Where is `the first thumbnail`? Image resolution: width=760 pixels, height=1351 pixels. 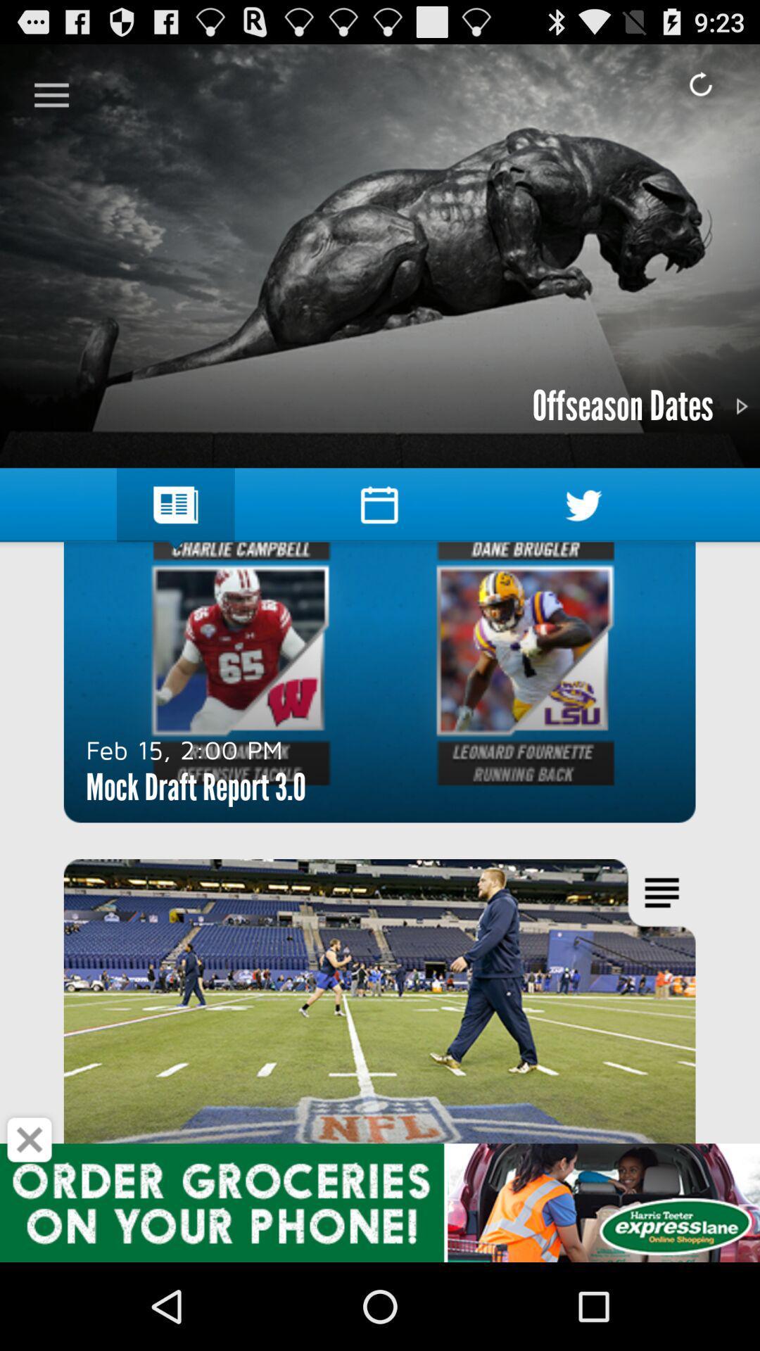 the first thumbnail is located at coordinates (380, 682).